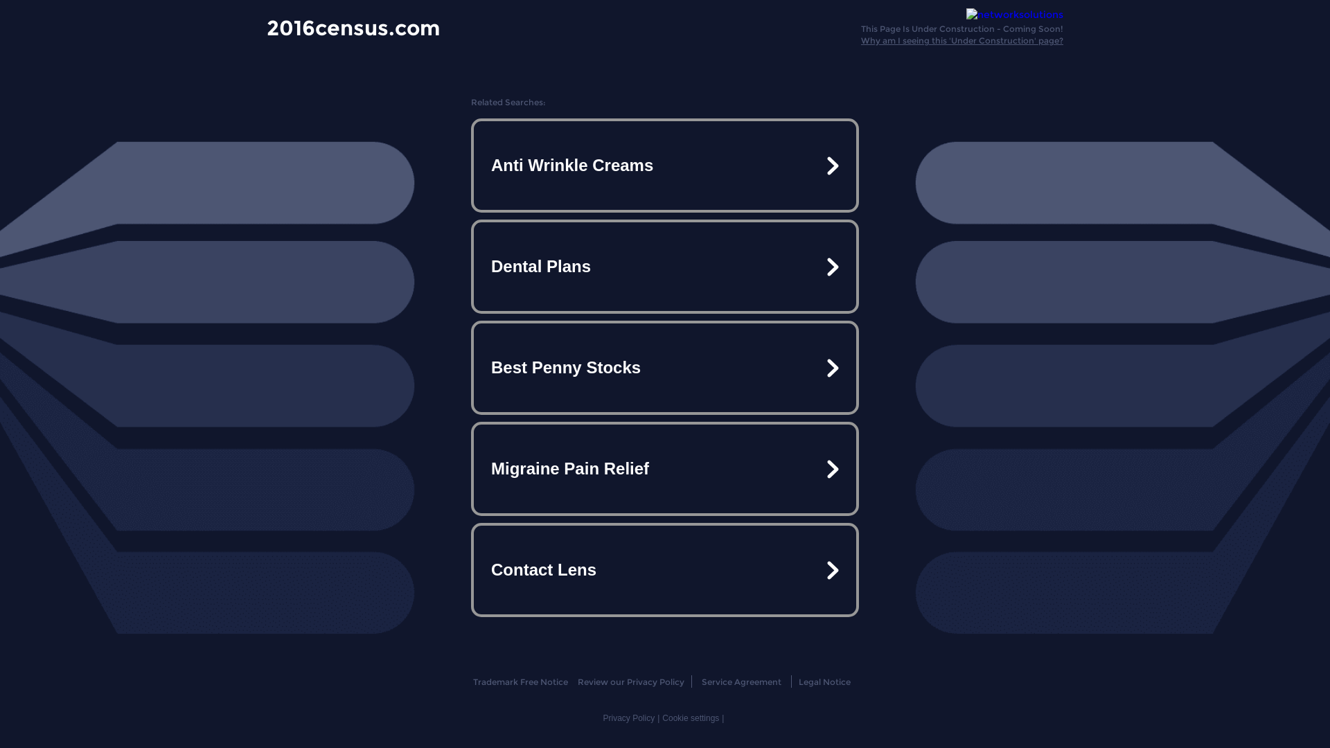 This screenshot has width=1330, height=748. I want to click on 'Contact Lens', so click(665, 569).